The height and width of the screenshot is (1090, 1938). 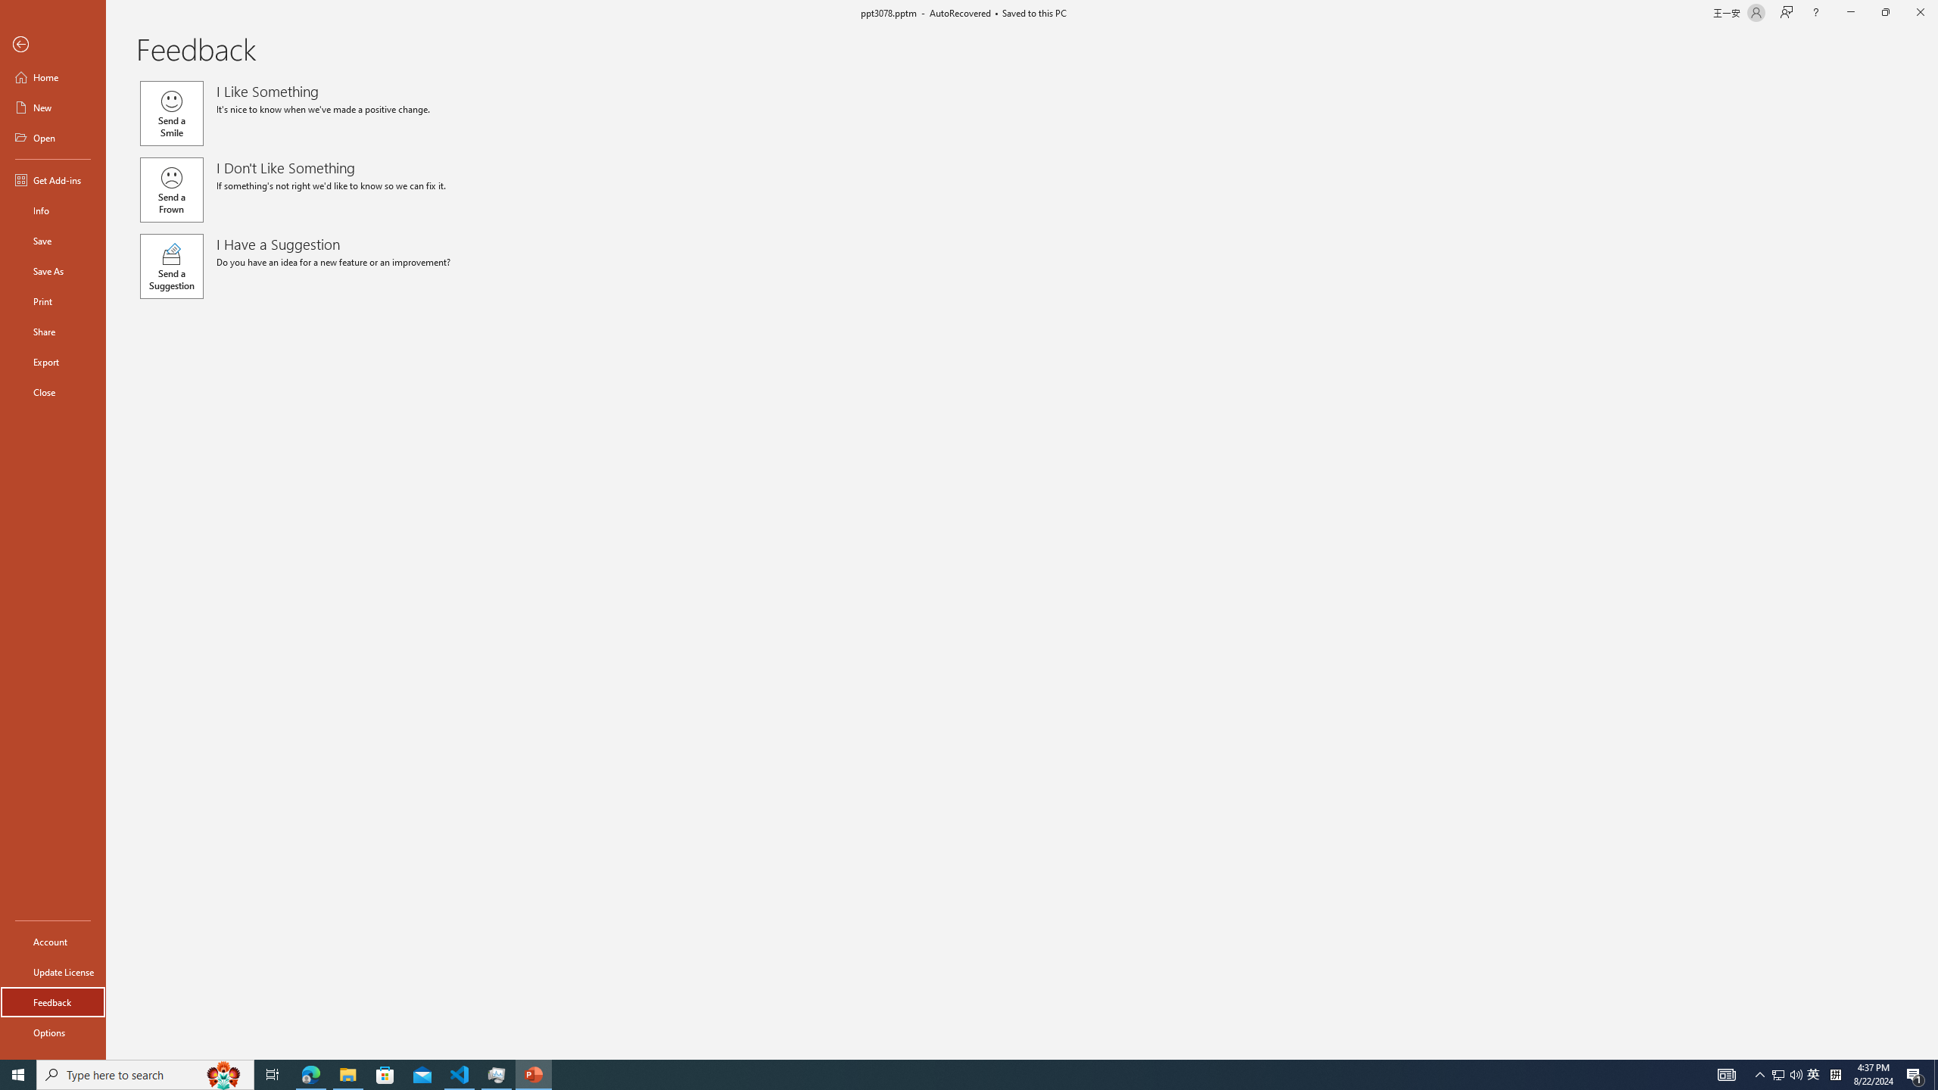 I want to click on 'Back', so click(x=52, y=44).